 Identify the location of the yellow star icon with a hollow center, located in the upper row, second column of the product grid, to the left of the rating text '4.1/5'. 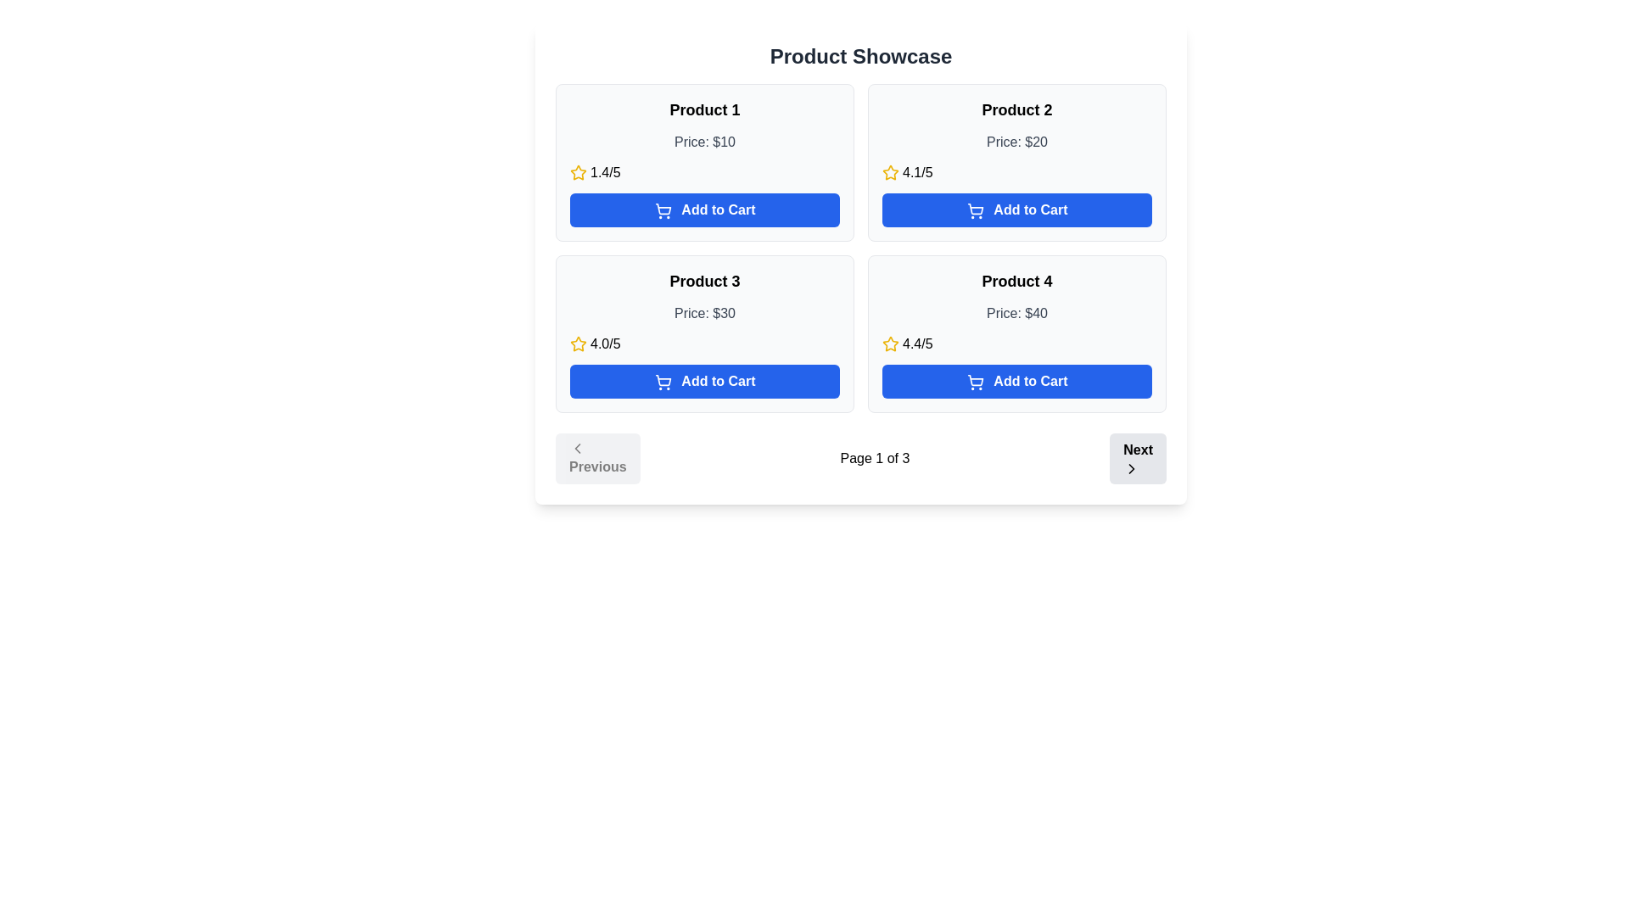
(890, 173).